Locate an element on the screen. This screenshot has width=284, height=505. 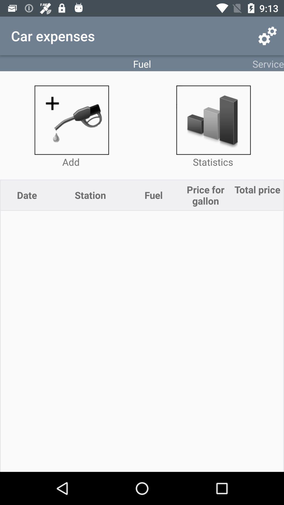
the item next to the fuel icon is located at coordinates (267, 36).